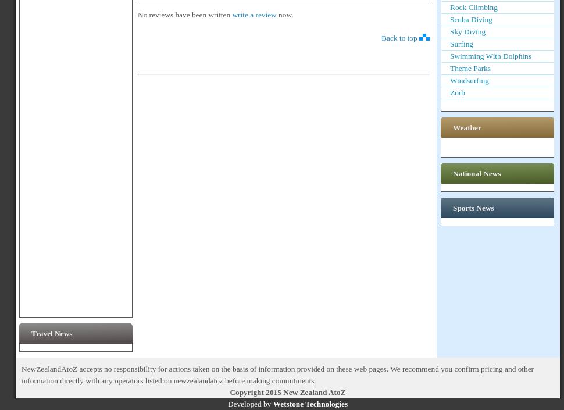 The height and width of the screenshot is (410, 564). I want to click on 'Rock Climbing', so click(449, 6).